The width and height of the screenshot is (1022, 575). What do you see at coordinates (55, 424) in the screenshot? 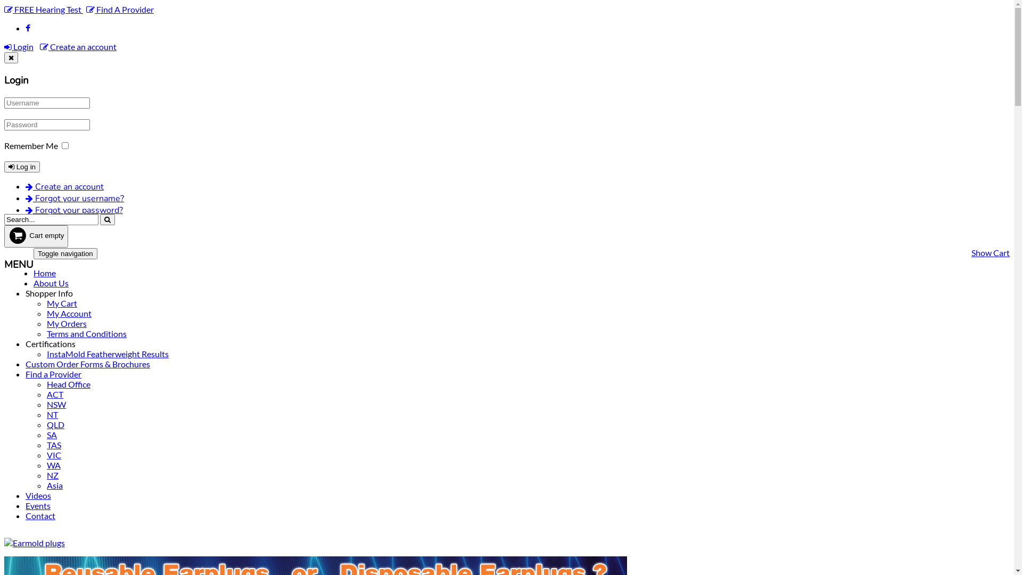
I see `'QLD'` at bounding box center [55, 424].